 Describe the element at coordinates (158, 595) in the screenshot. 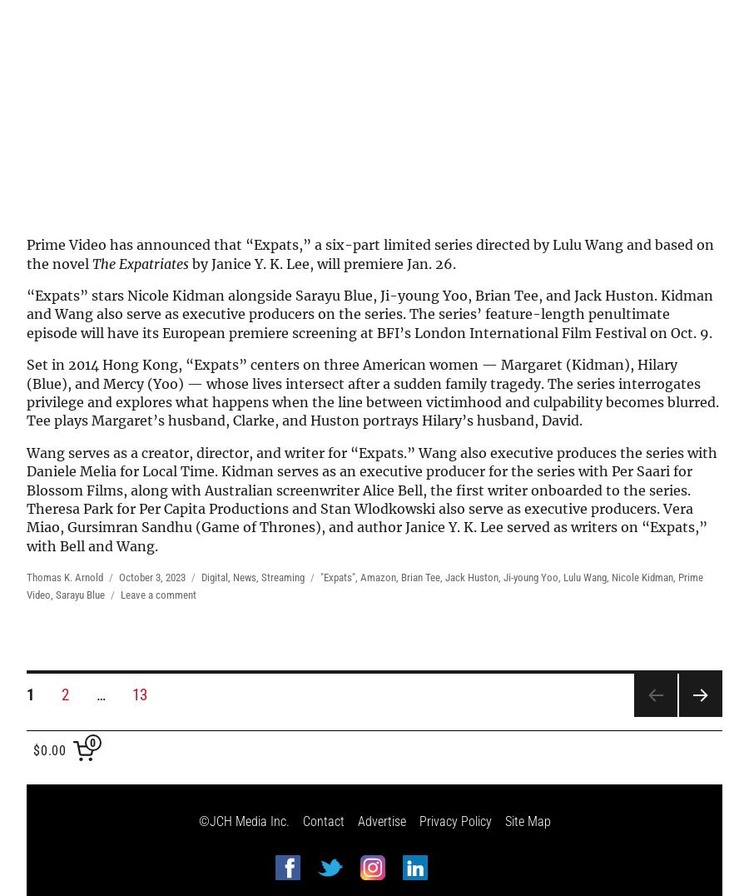

I see `'Leave a comment'` at that location.